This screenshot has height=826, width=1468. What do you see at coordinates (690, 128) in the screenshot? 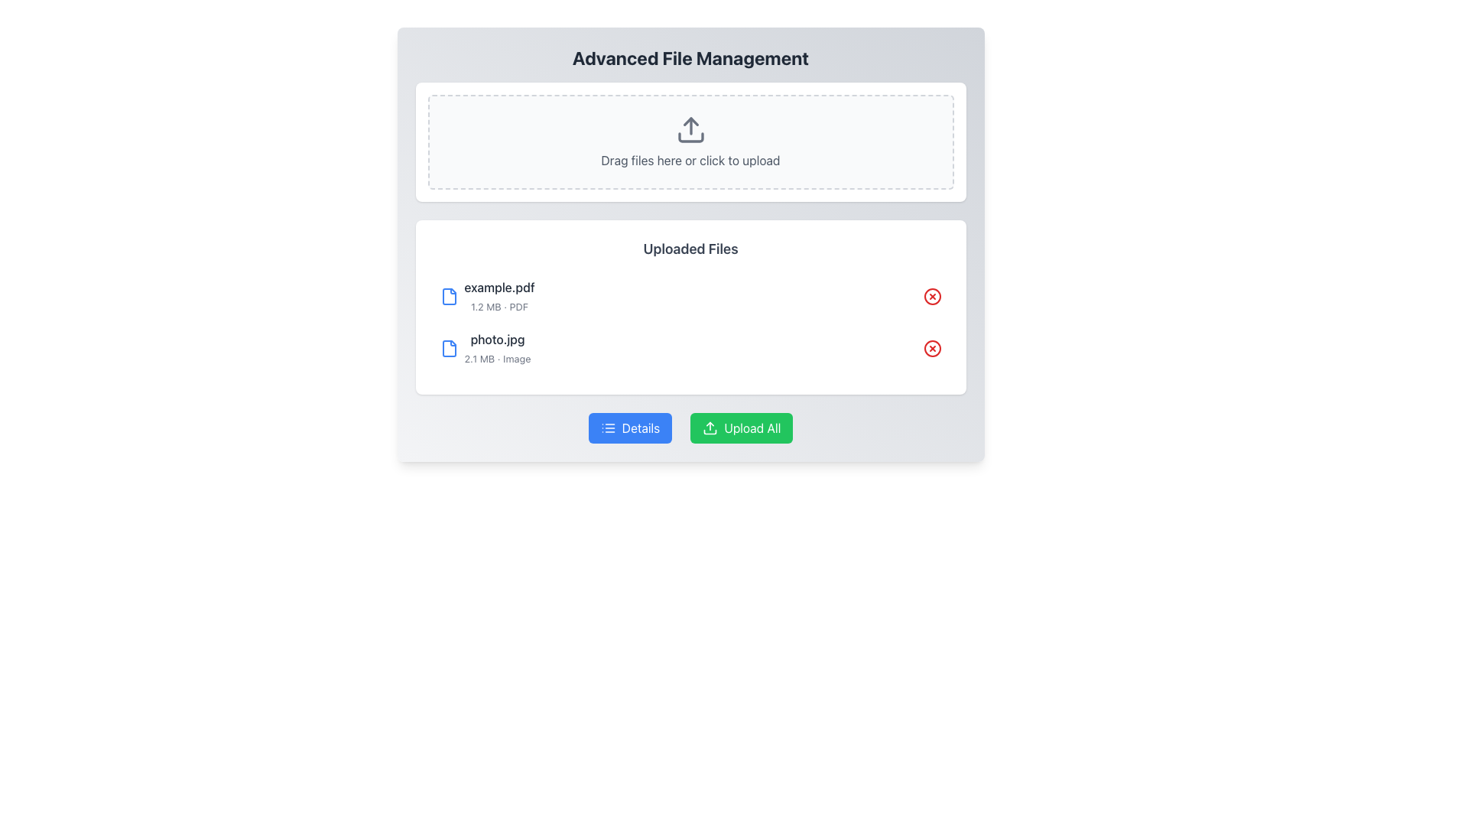
I see `the upload icon, which is a gray arrow pointing upward, located within a dashed-bordered box and centered above the text 'Drag files here or click to upload', to initiate the upload process` at bounding box center [690, 128].